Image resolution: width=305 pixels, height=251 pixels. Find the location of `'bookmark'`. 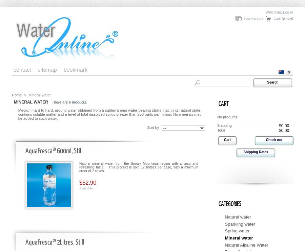

'bookmark' is located at coordinates (75, 70).